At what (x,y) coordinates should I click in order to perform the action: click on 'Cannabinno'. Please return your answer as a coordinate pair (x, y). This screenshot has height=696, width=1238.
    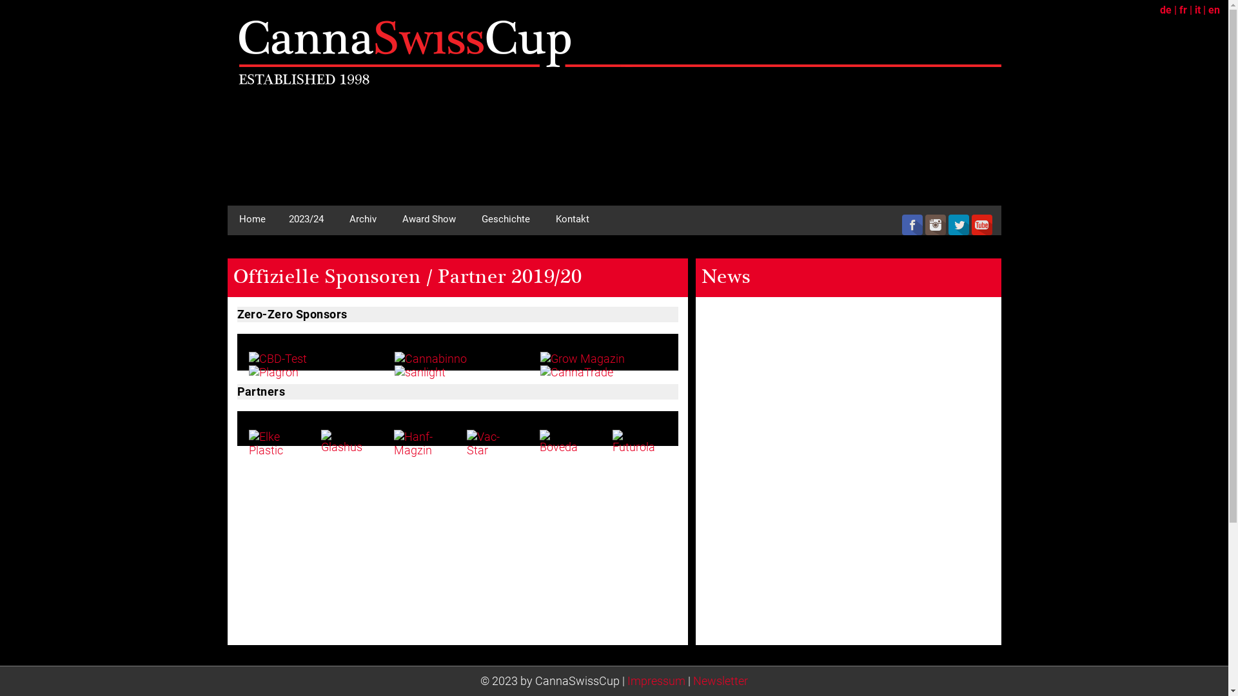
    Looking at the image, I should click on (430, 358).